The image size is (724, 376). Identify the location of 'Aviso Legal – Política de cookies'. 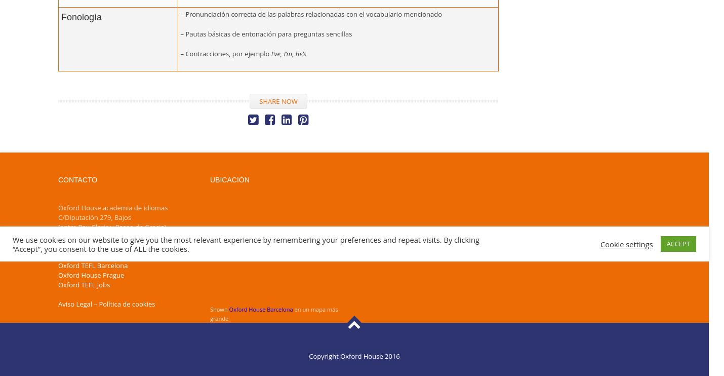
(106, 303).